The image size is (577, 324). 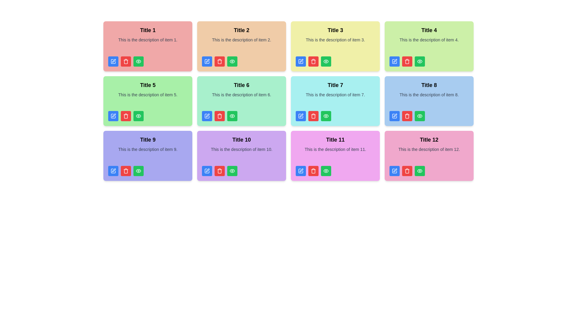 I want to click on the portion of the trash icon graphic that signifies deletion actions, located at the bottom-middle of the SVG group for the trash can, directly below the lid and above the bin's body, beneath the card labeled 'Title 10', so click(x=219, y=171).